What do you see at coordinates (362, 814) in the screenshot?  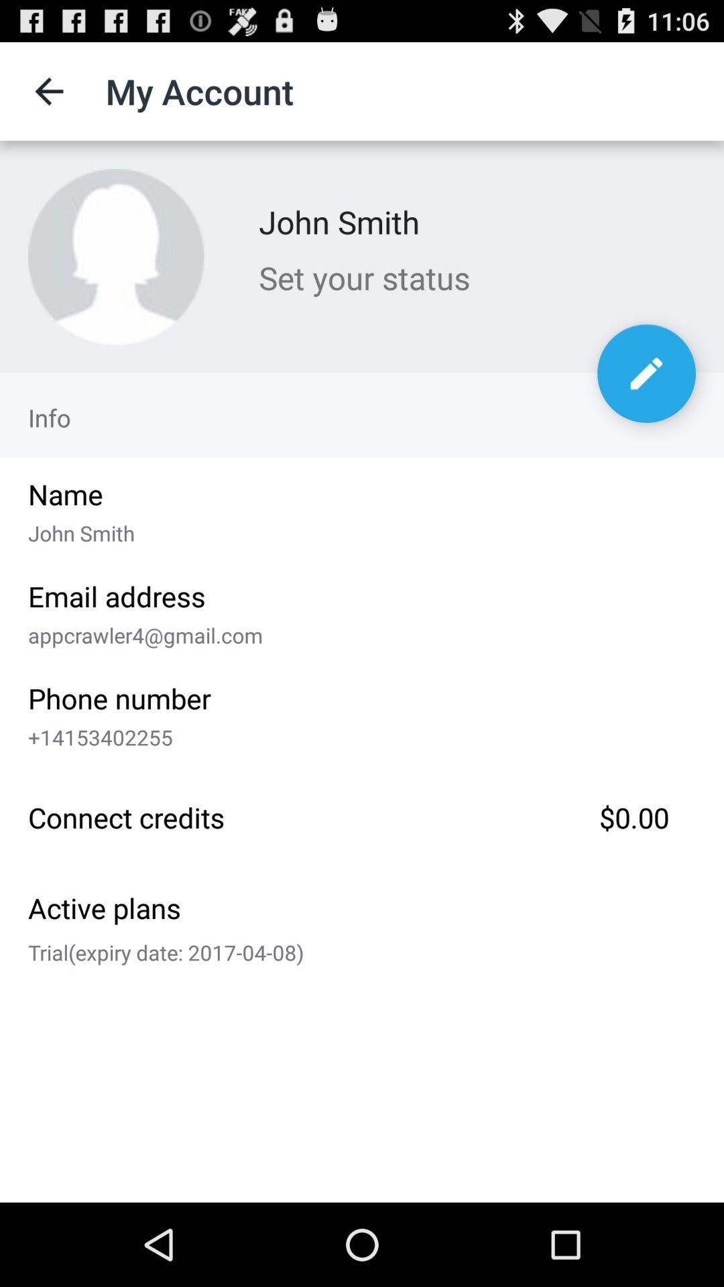 I see `text above active plans` at bounding box center [362, 814].